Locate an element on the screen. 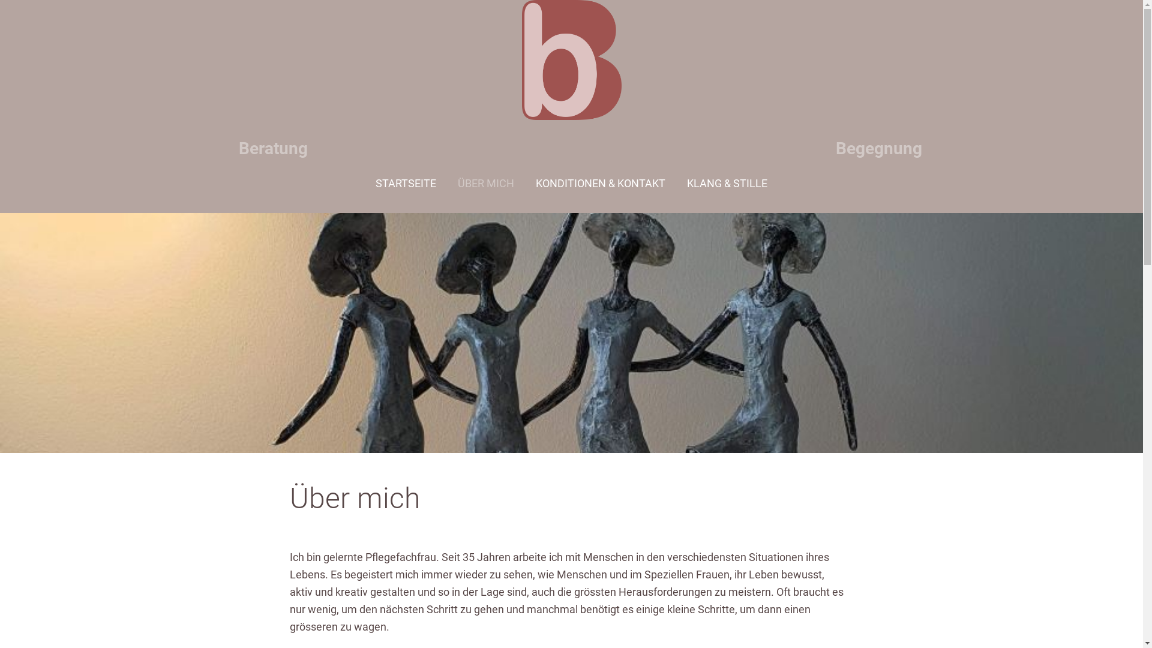  'STARTSEITE' is located at coordinates (400, 183).